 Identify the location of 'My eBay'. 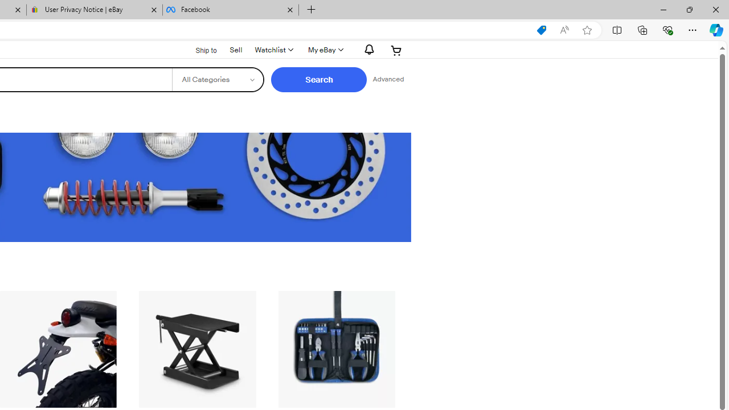
(324, 50).